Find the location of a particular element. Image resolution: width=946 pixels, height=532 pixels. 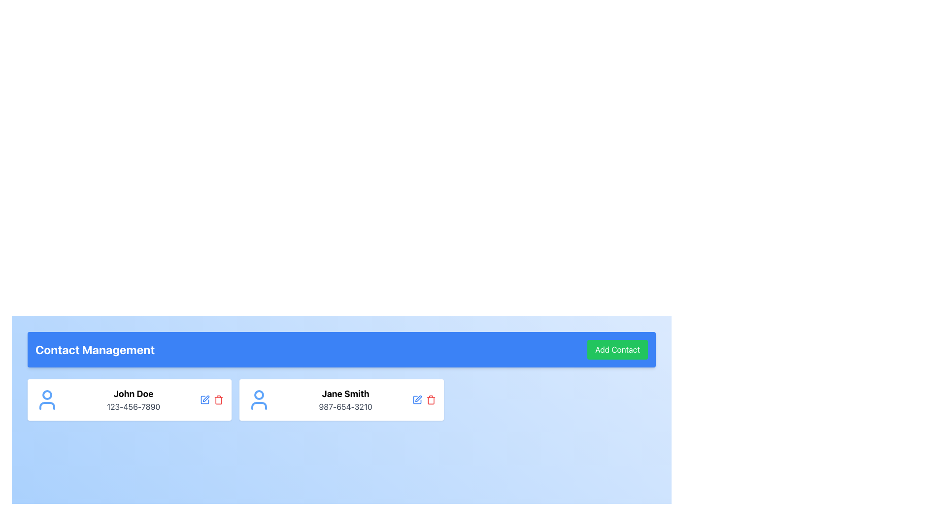

the 'Contact Management' text label located on the left side of the blue header bar at the top of the interface is located at coordinates (95, 349).